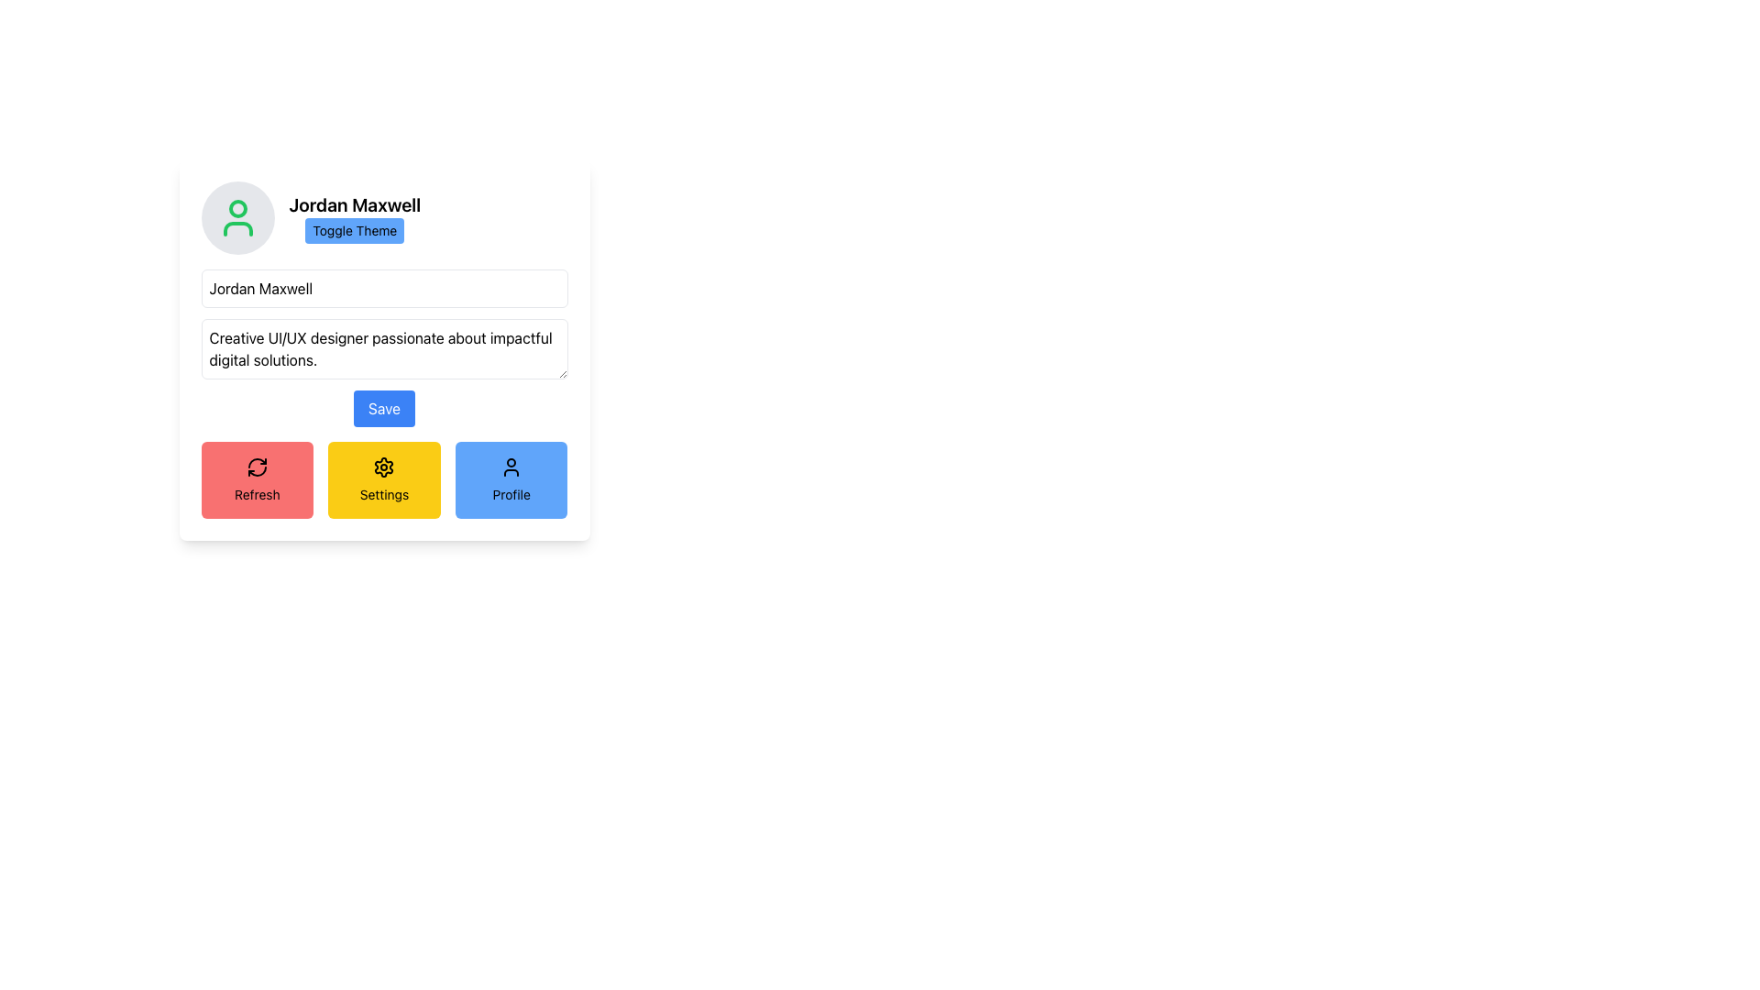  I want to click on the circular arrow icon within the red 'Refresh' button located in the bottom left corner of the card interface, so click(256, 470).